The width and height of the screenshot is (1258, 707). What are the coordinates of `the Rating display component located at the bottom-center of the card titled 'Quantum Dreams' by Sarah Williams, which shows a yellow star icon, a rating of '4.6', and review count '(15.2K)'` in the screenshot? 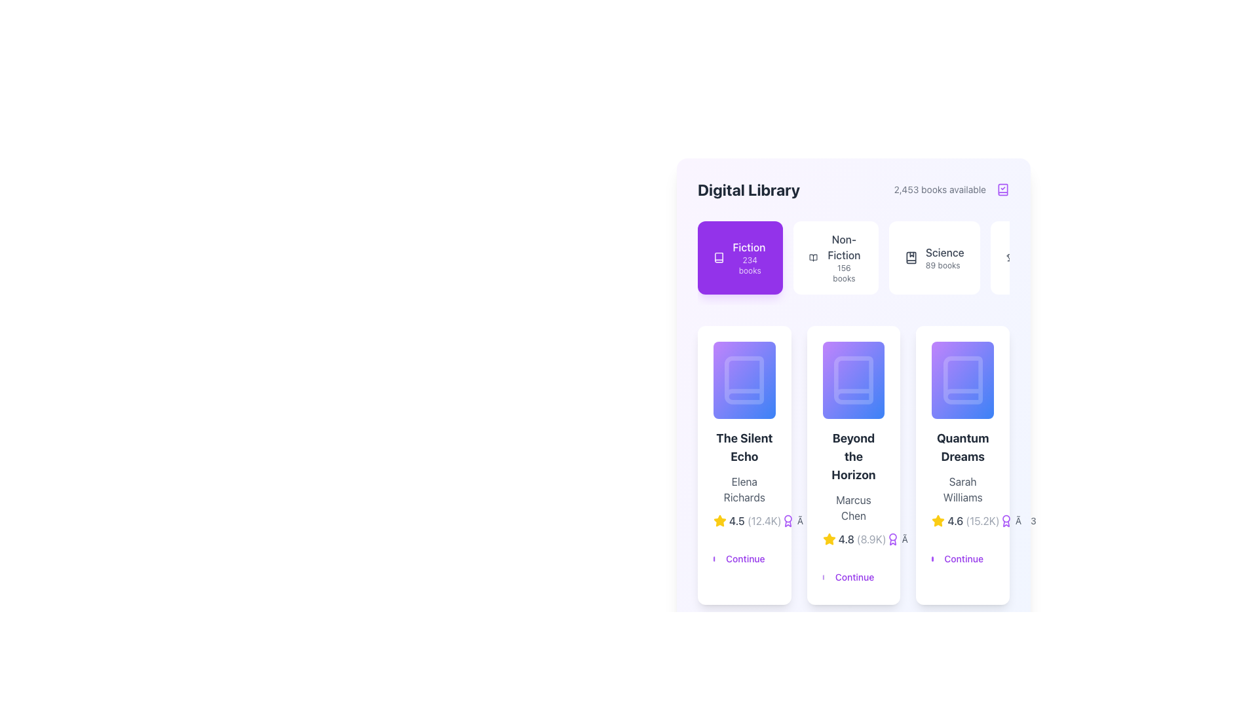 It's located at (965, 520).